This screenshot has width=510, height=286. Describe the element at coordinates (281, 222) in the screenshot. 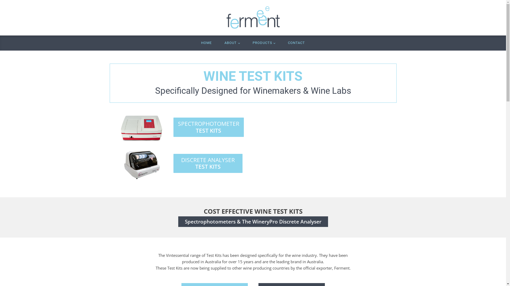

I see `'The WineryPro Discrete Analyser'` at that location.